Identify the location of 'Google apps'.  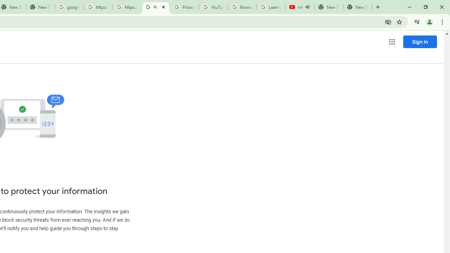
(391, 42).